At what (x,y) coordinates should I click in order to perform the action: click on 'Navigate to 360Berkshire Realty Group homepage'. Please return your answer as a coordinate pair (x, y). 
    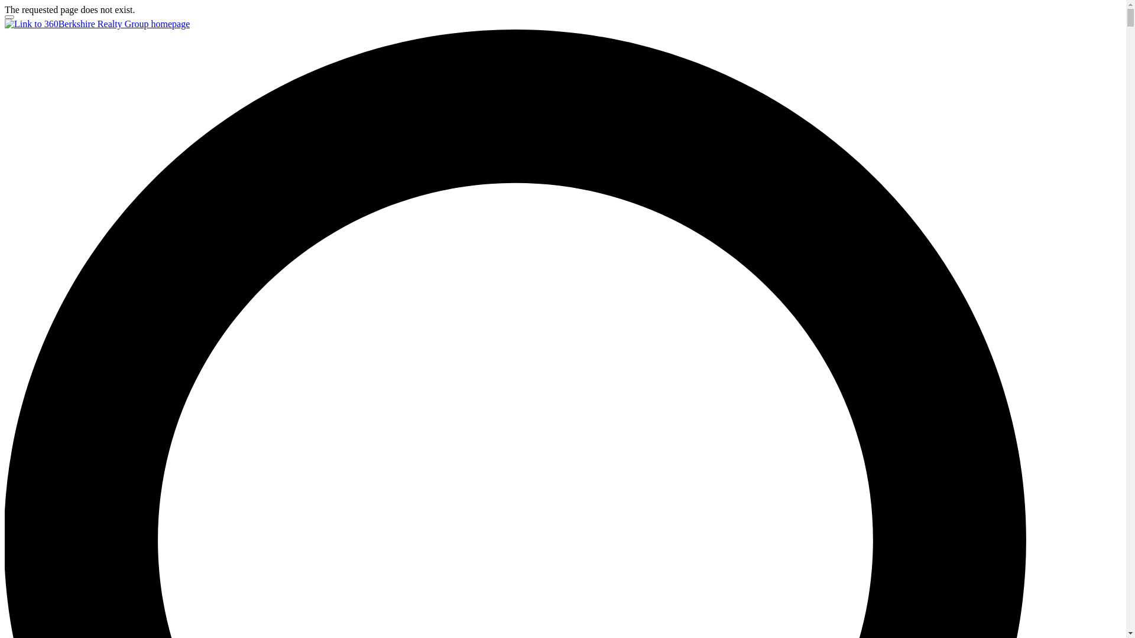
    Looking at the image, I should click on (97, 24).